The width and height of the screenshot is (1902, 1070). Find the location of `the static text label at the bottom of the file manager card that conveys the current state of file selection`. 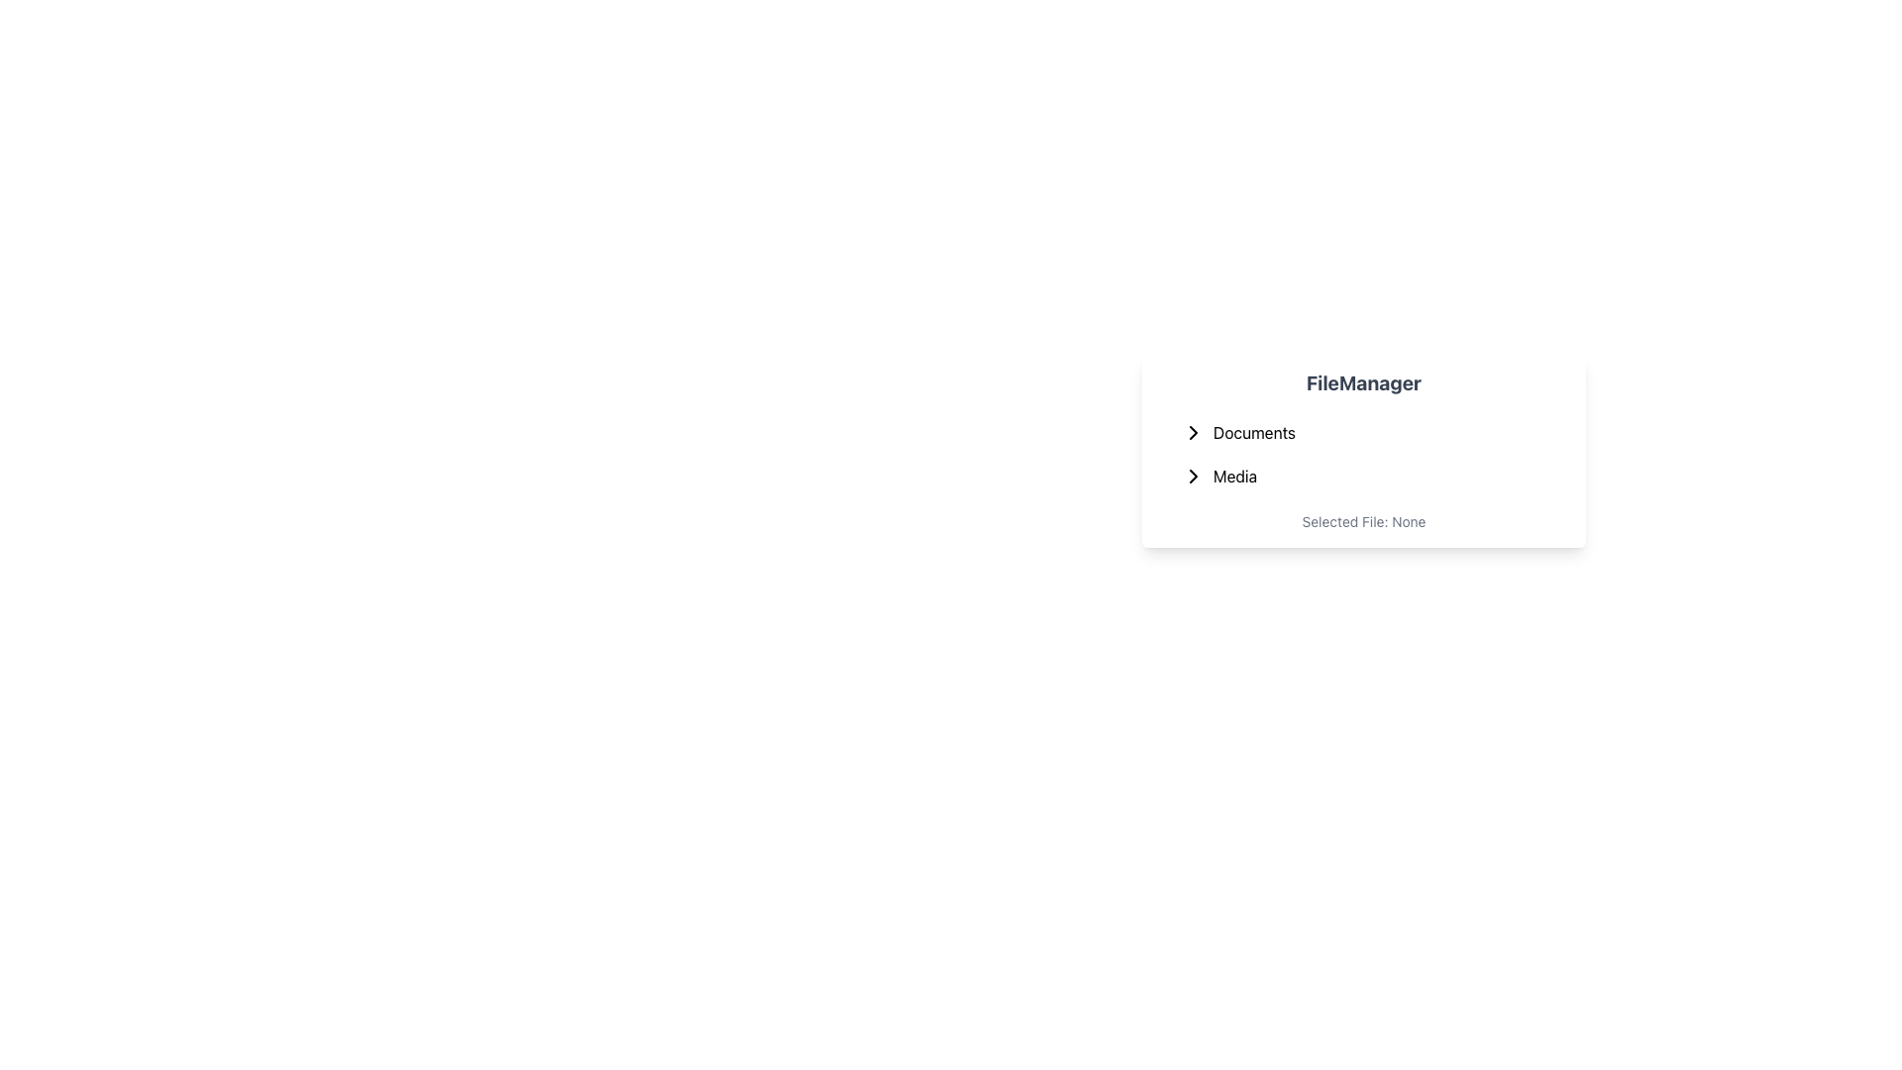

the static text label at the bottom of the file manager card that conveys the current state of file selection is located at coordinates (1363, 521).